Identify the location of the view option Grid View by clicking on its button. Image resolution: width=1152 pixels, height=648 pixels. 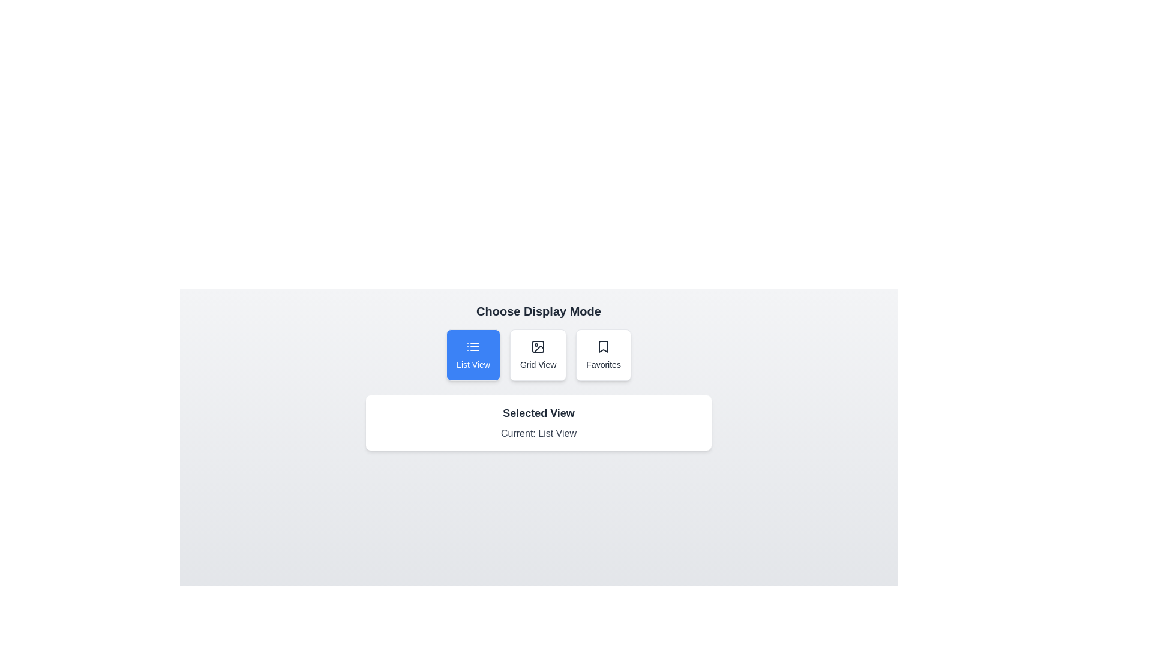
(538, 354).